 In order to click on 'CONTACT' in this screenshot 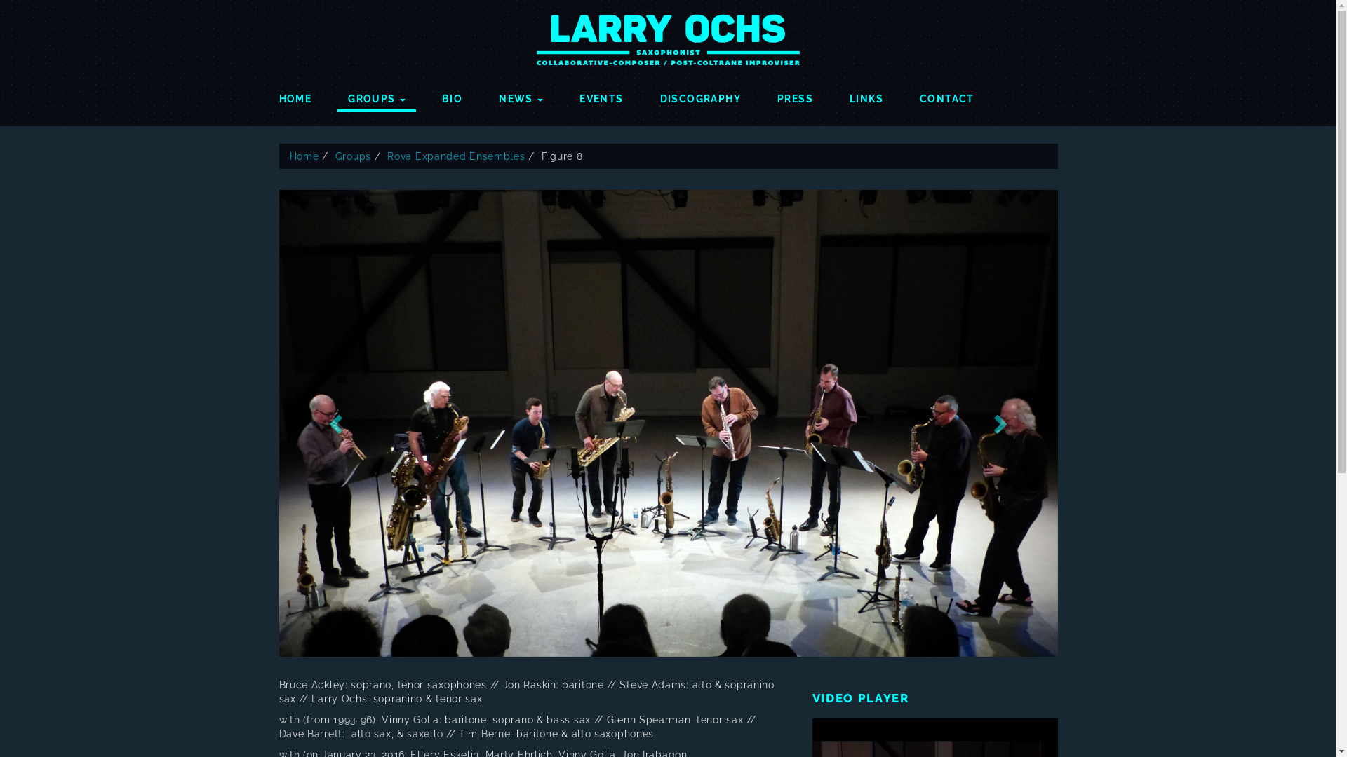, I will do `click(946, 95)`.